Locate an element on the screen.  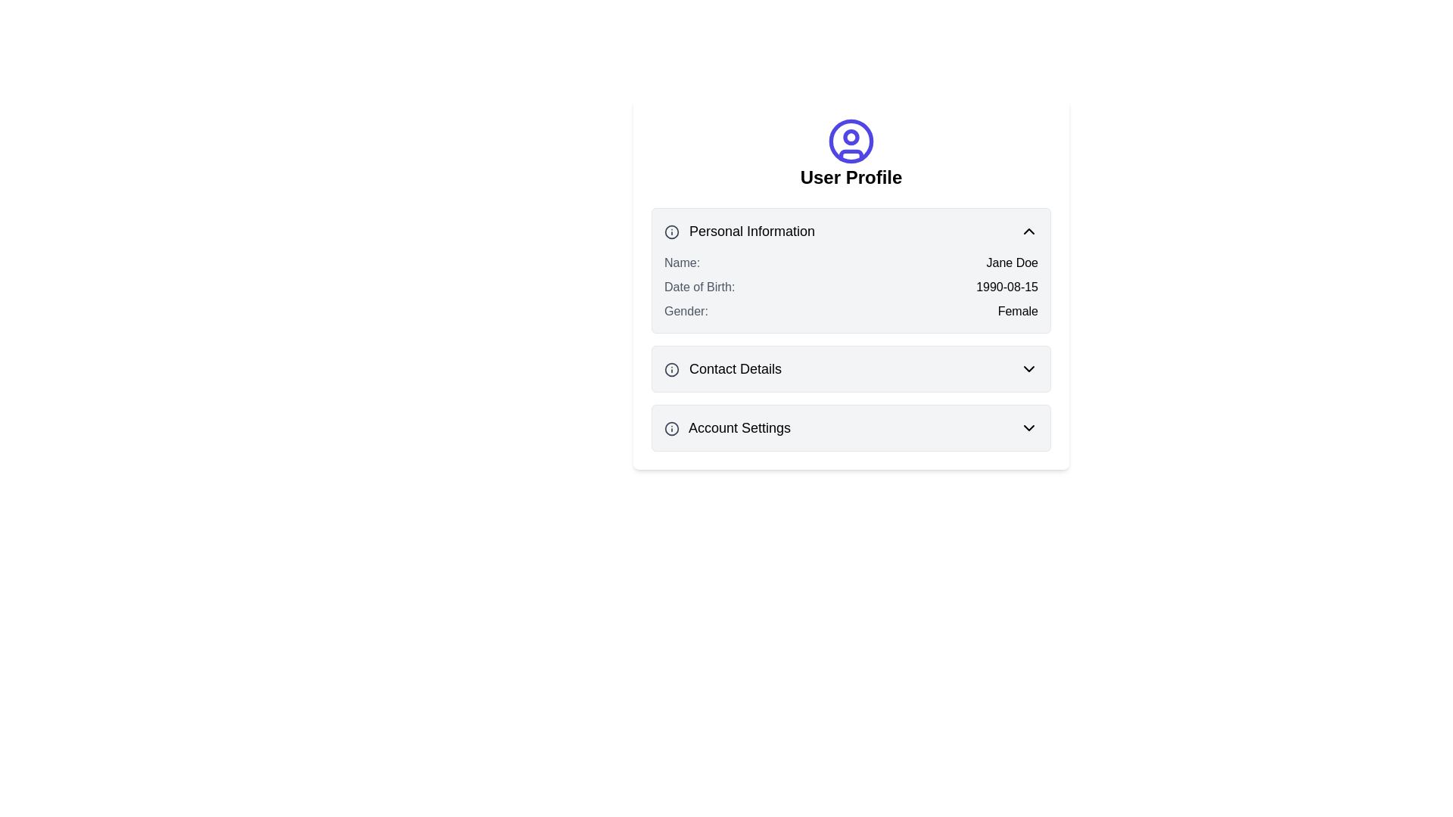
the 'Date of Birth:' text label in the 'Personal Information' section, which is styled with medium font-weight and gray color, positioned between 'Name:' and 'Gender:' labels is located at coordinates (698, 287).